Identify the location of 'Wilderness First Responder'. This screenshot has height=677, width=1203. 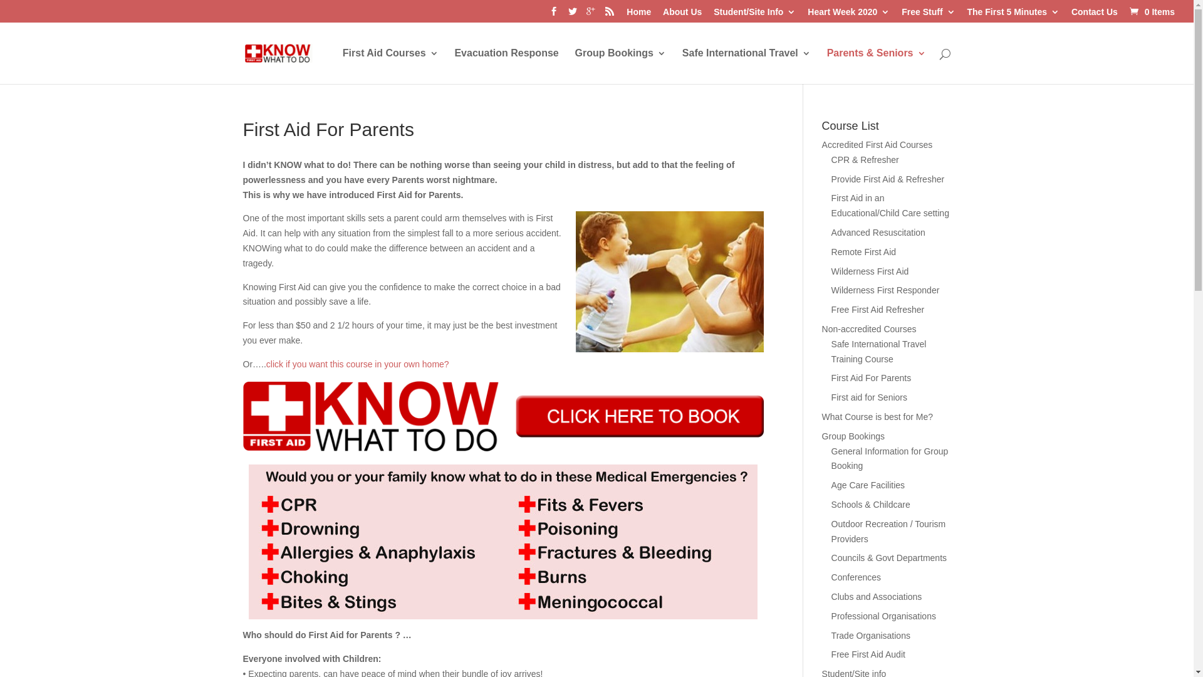
(885, 290).